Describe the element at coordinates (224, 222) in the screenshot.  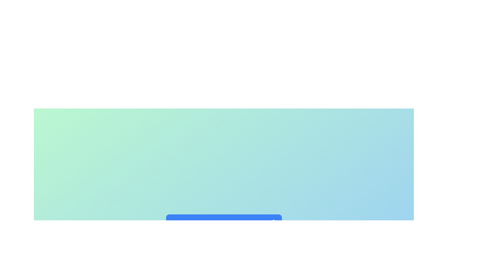
I see `the 'Notifications' header element, which is a blue rectangular bar with rounded corners at the top of a notification card` at that location.